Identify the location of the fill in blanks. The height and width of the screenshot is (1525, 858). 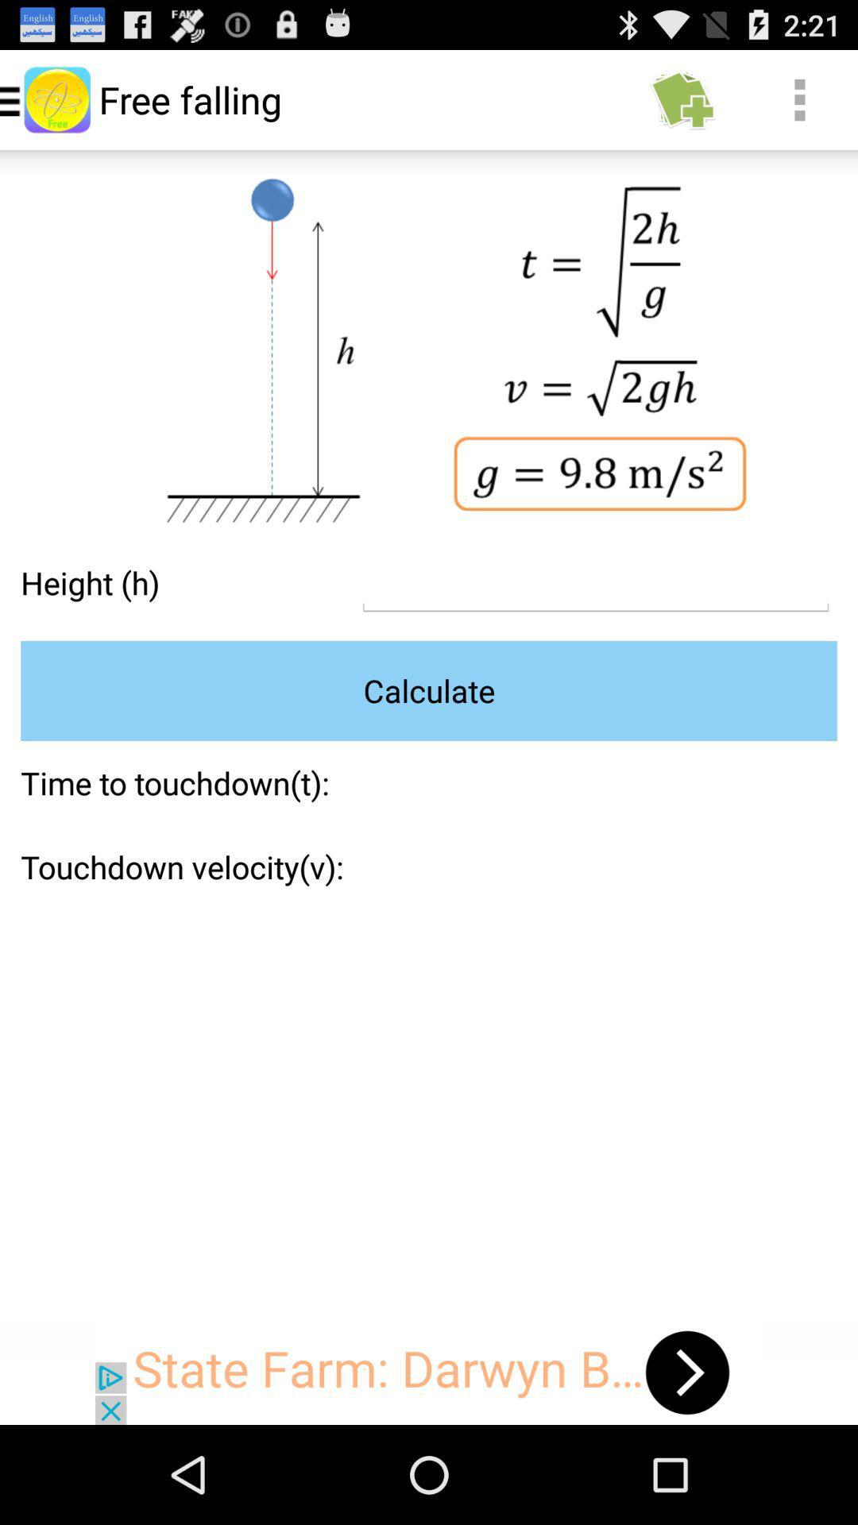
(595, 582).